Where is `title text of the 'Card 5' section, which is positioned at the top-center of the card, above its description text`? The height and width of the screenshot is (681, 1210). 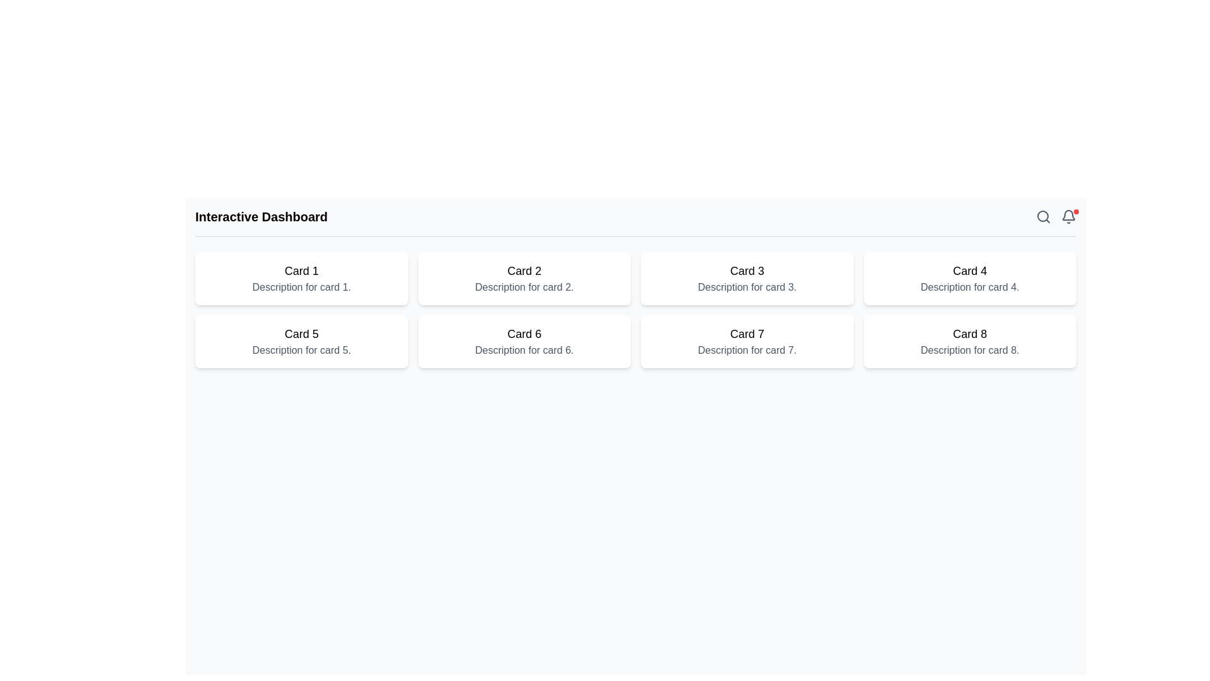 title text of the 'Card 5' section, which is positioned at the top-center of the card, above its description text is located at coordinates (301, 333).